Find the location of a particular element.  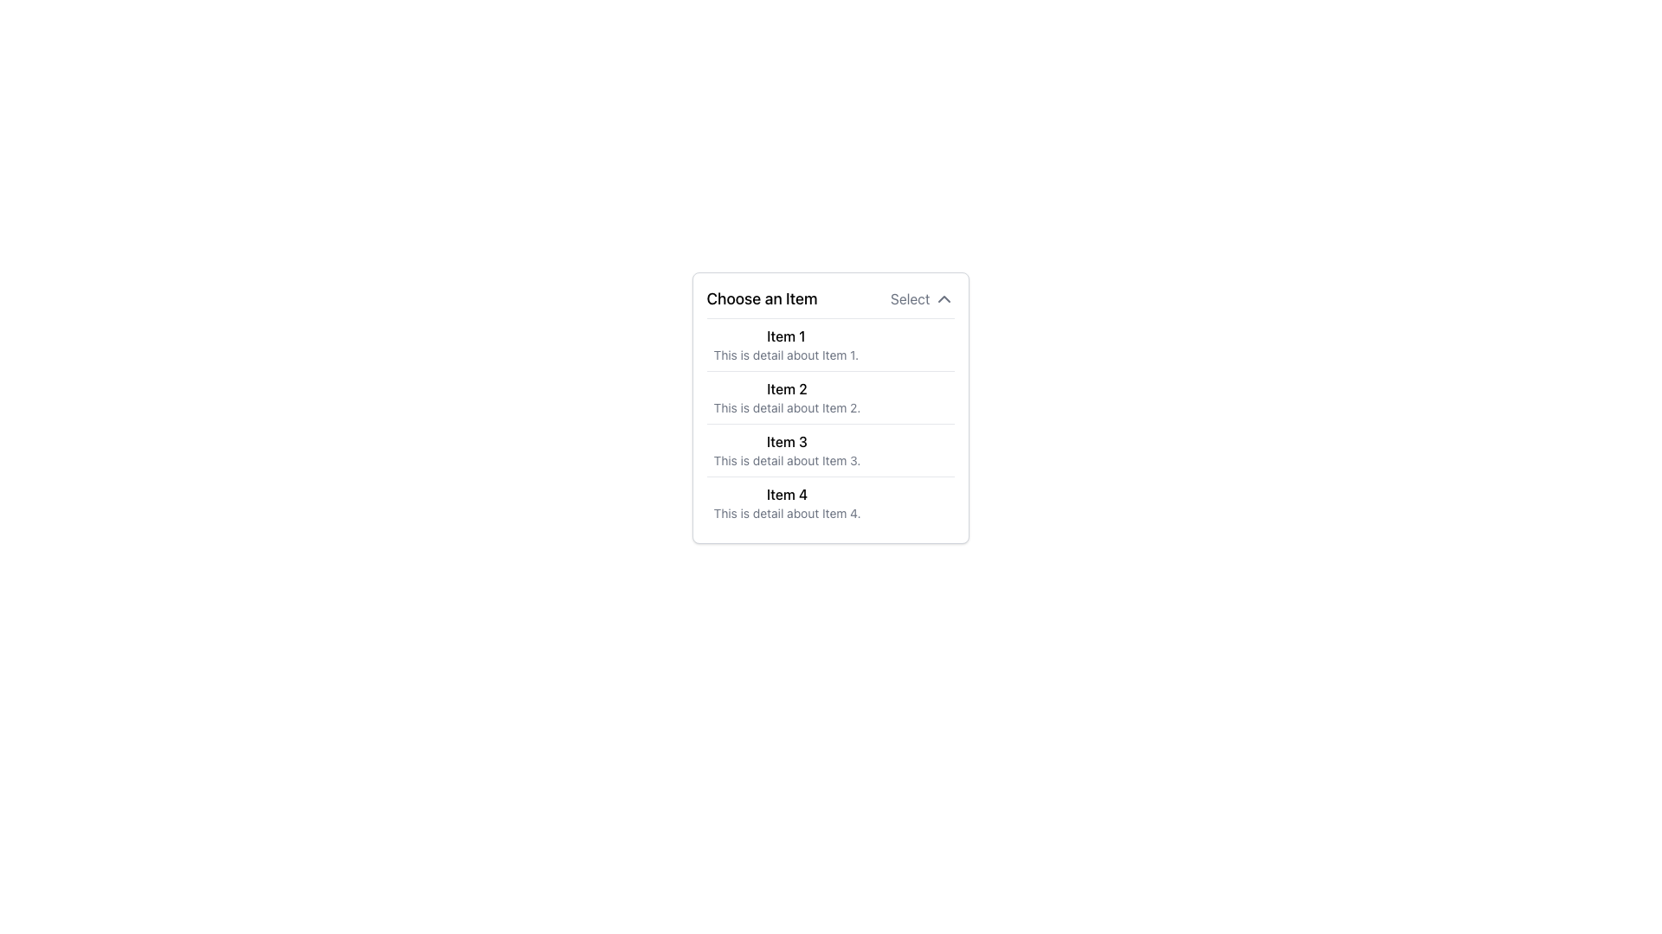

the text label representing 'Item 4' in the dropdown menu is located at coordinates (786, 494).